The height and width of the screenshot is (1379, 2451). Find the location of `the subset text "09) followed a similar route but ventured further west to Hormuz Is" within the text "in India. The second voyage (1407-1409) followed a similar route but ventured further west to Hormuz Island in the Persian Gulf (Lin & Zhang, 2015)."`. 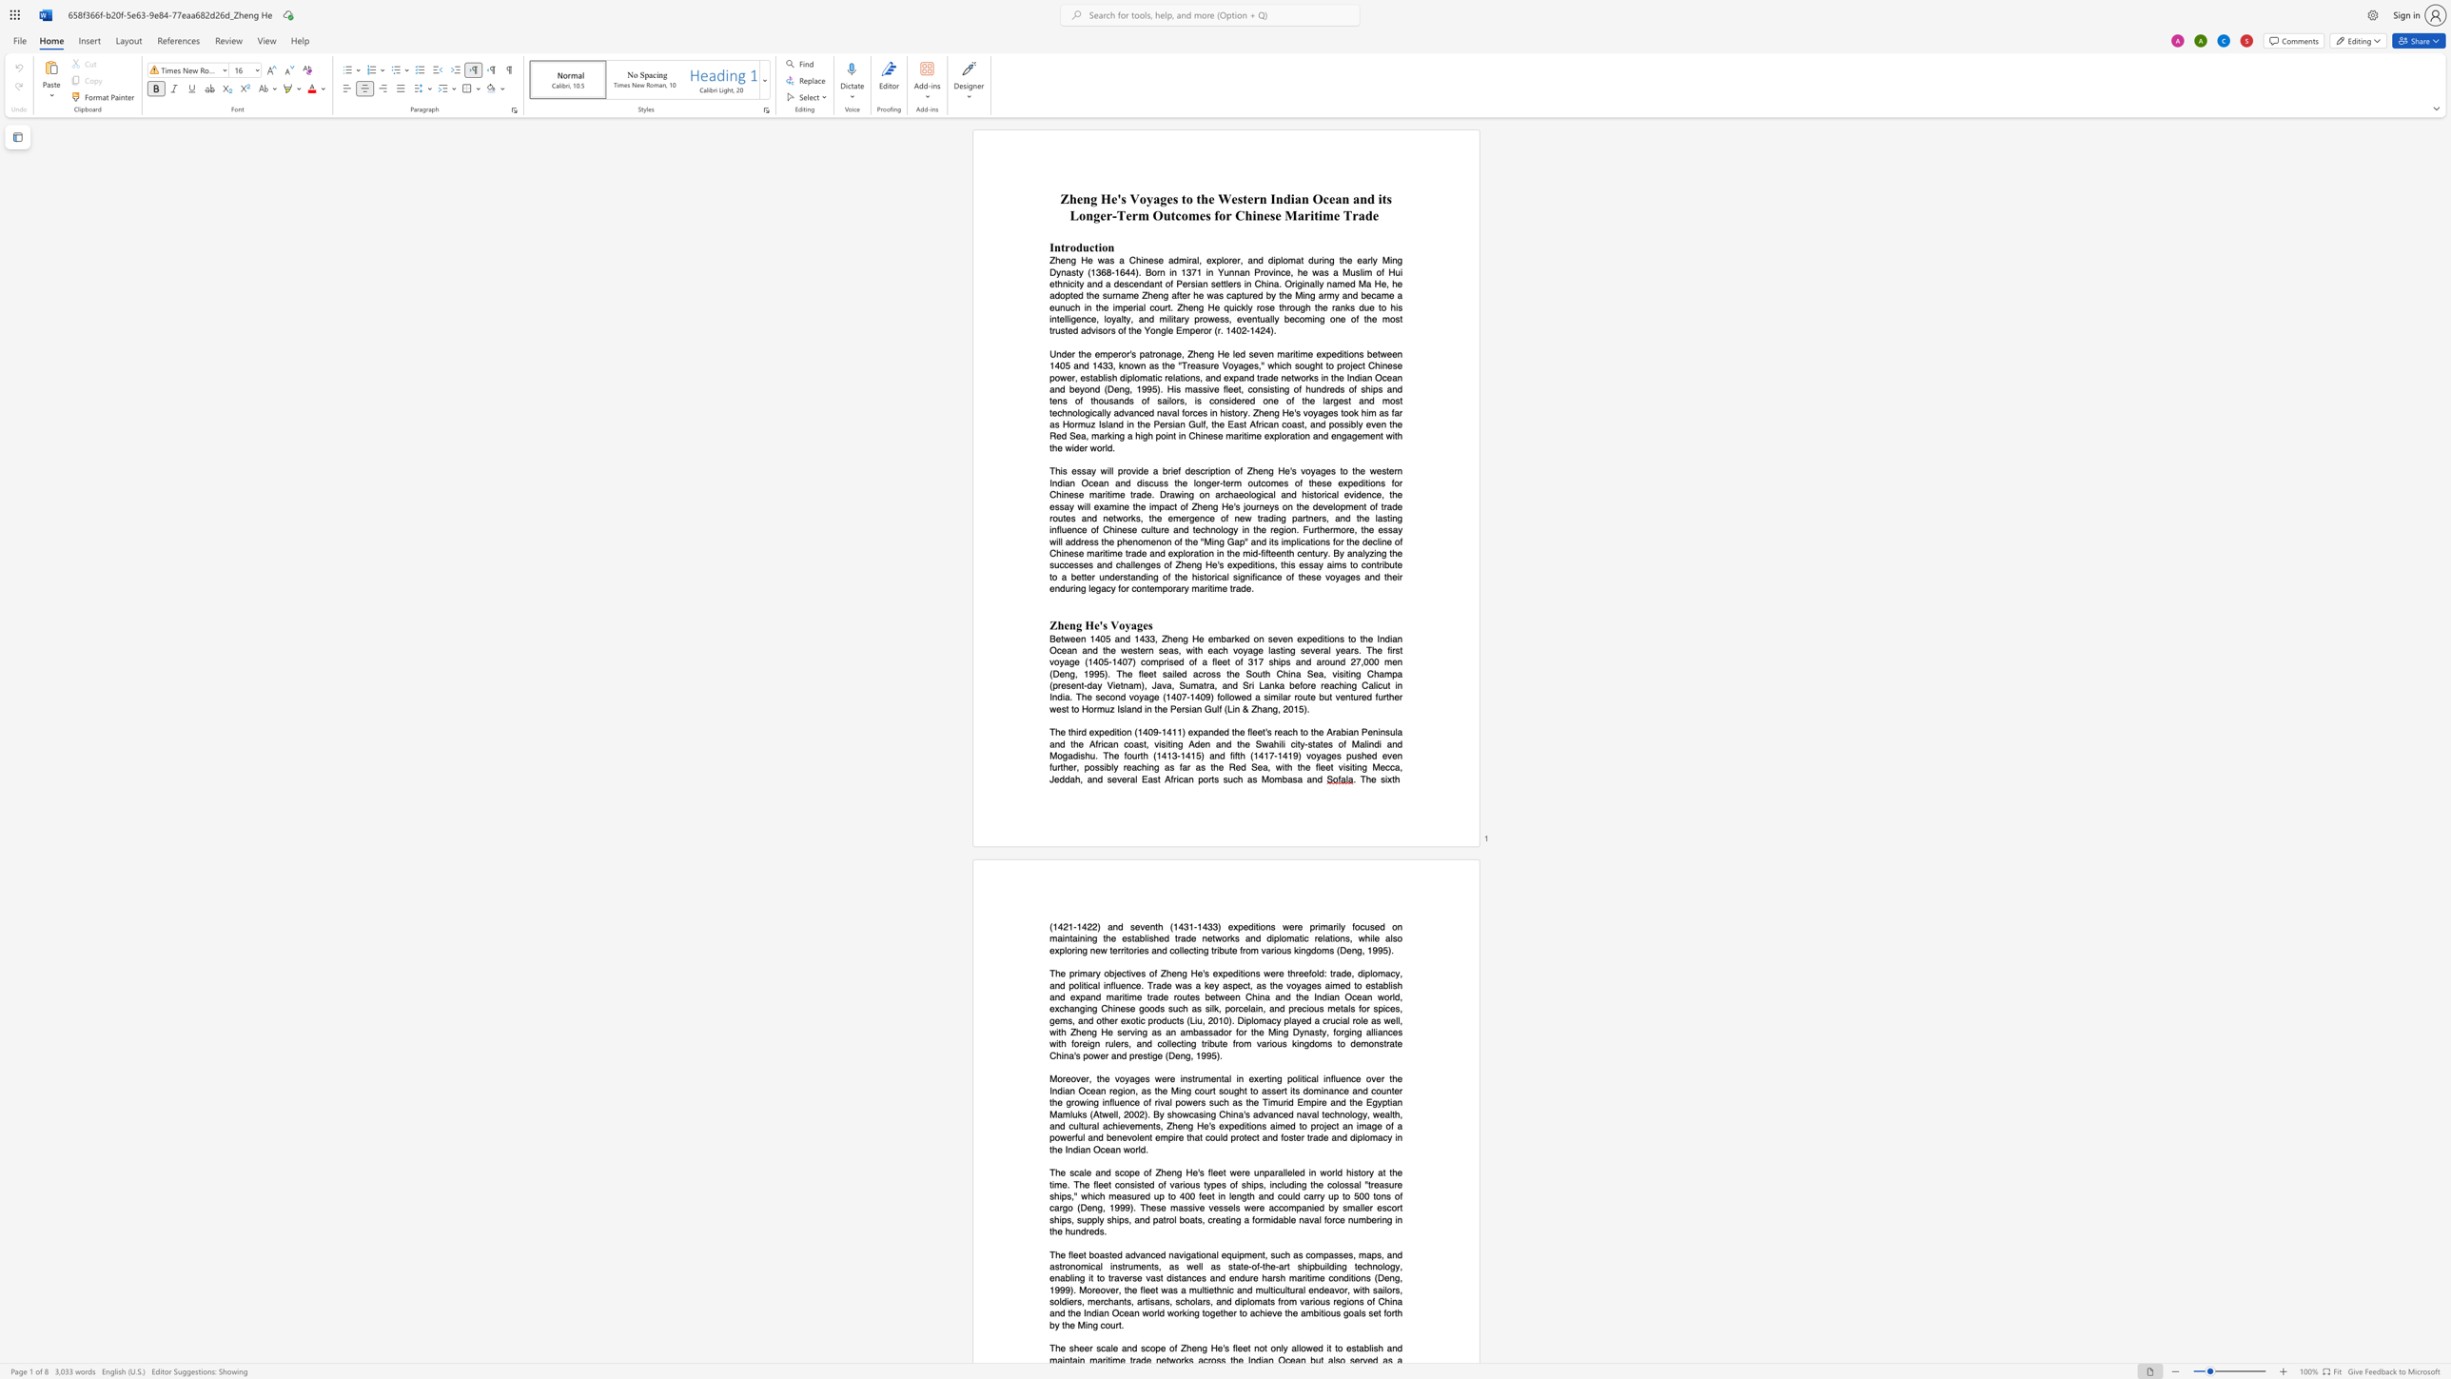

the subset text "09) followed a similar route but ventured further west to Hormuz Is" within the text "in India. The second voyage (1407-1409) followed a similar route but ventured further west to Hormuz Island in the Persian Gulf (Lin & Zhang, 2015)." is located at coordinates (1199, 696).